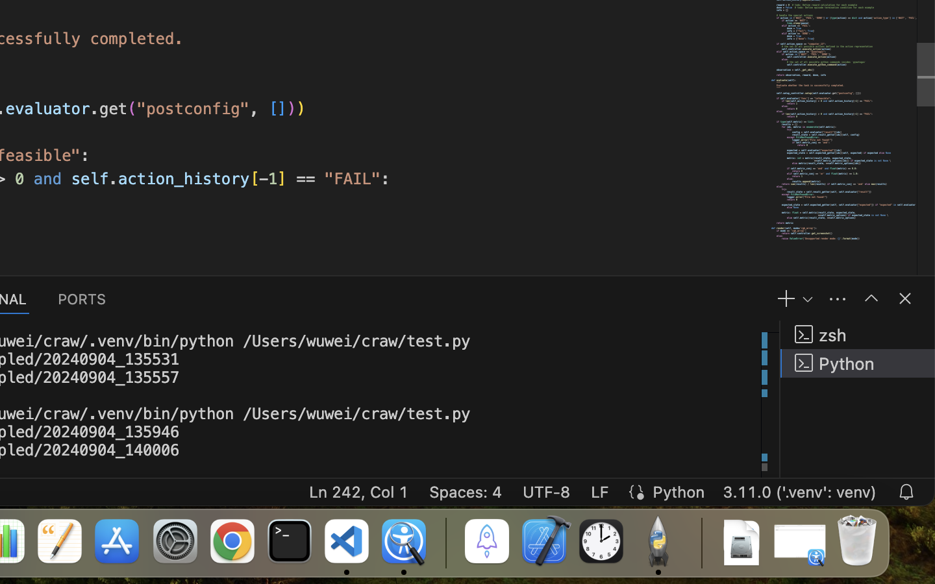 This screenshot has width=935, height=584. Describe the element at coordinates (445, 542) in the screenshot. I see `'0.4285714328289032'` at that location.